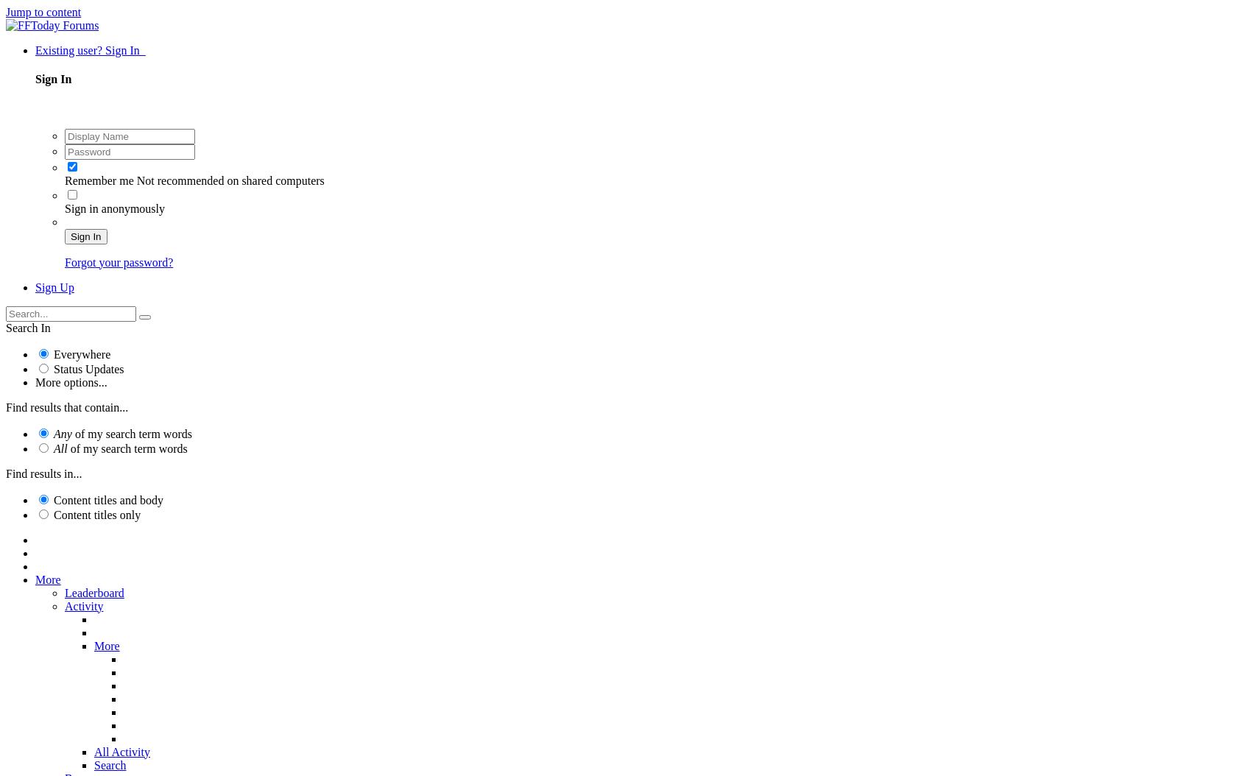  I want to click on 'Any', so click(54, 432).